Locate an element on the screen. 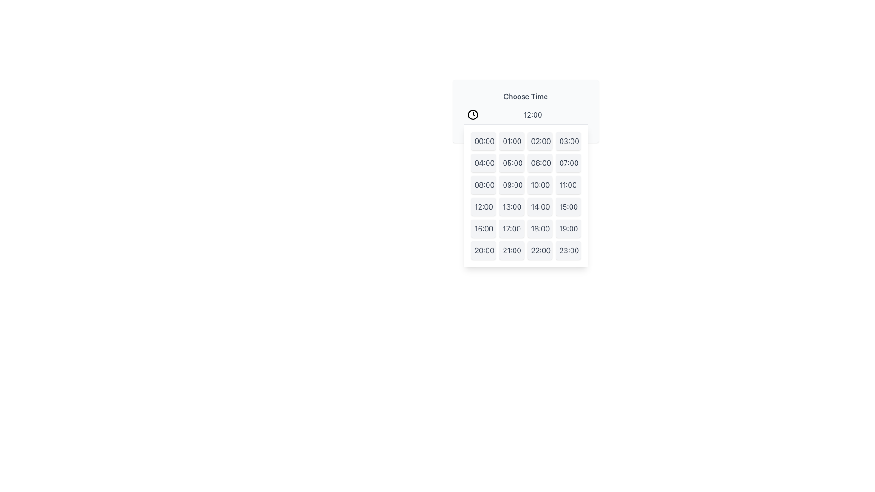  the rectangular button labeled '07:00' with a light gray background is located at coordinates (567, 163).